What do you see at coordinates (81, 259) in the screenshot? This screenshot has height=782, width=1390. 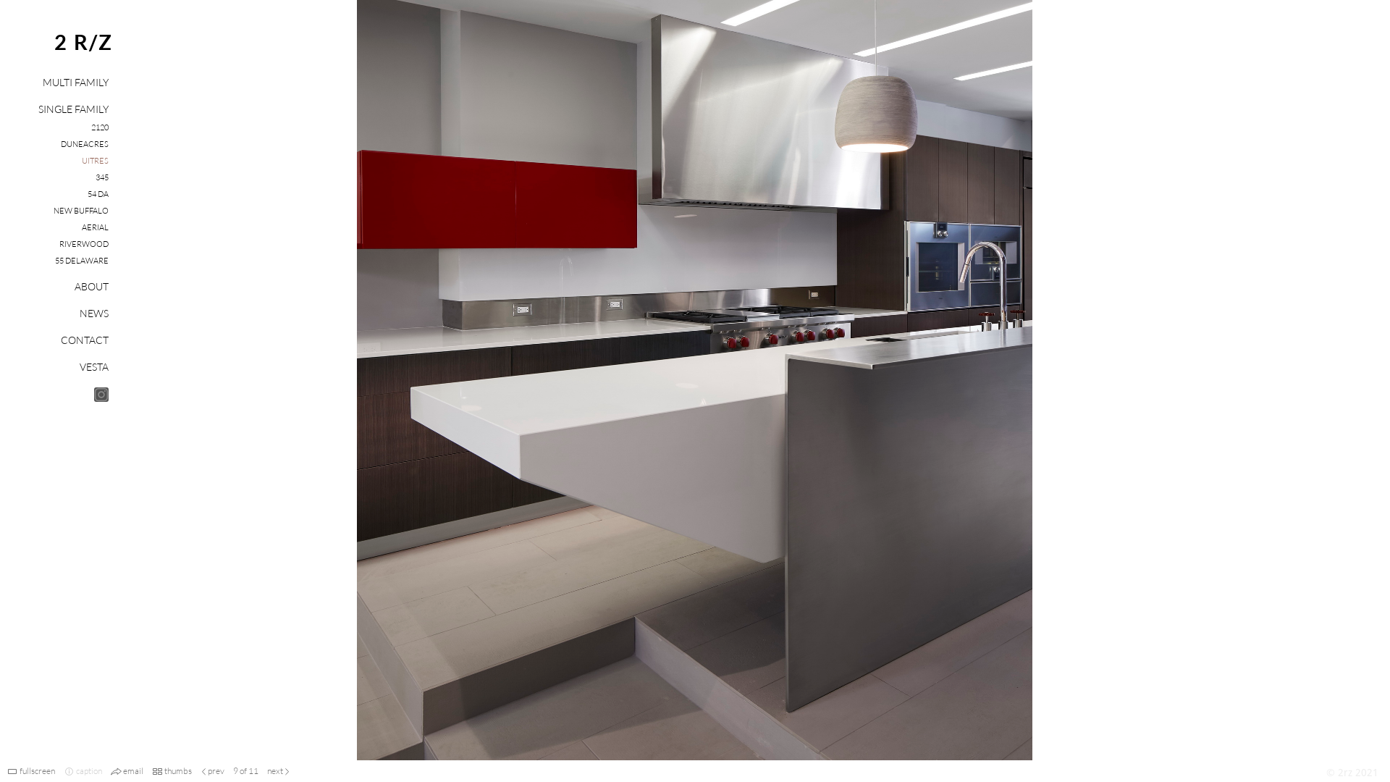 I see `'55 DELAWARE'` at bounding box center [81, 259].